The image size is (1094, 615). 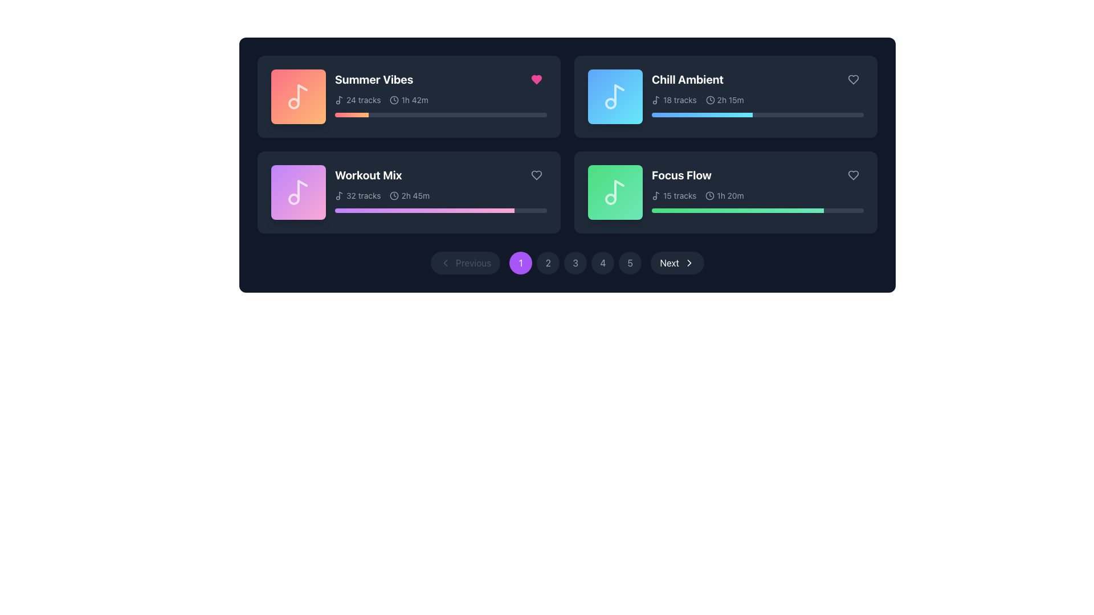 I want to click on the circular button with a dark gray background and the number '4' displayed in light gray text, so click(x=602, y=263).